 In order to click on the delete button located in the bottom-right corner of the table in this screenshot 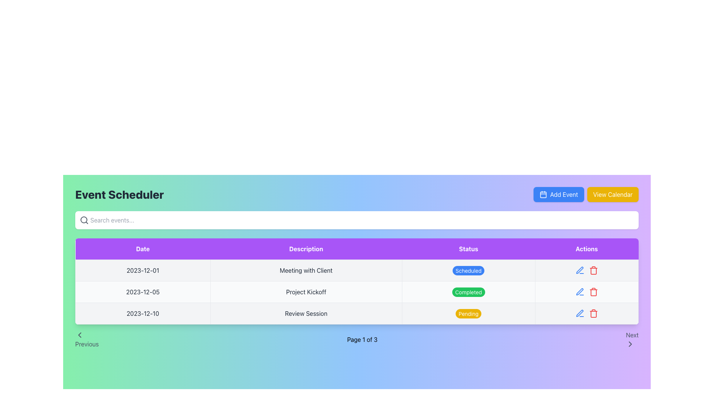, I will do `click(593, 313)`.